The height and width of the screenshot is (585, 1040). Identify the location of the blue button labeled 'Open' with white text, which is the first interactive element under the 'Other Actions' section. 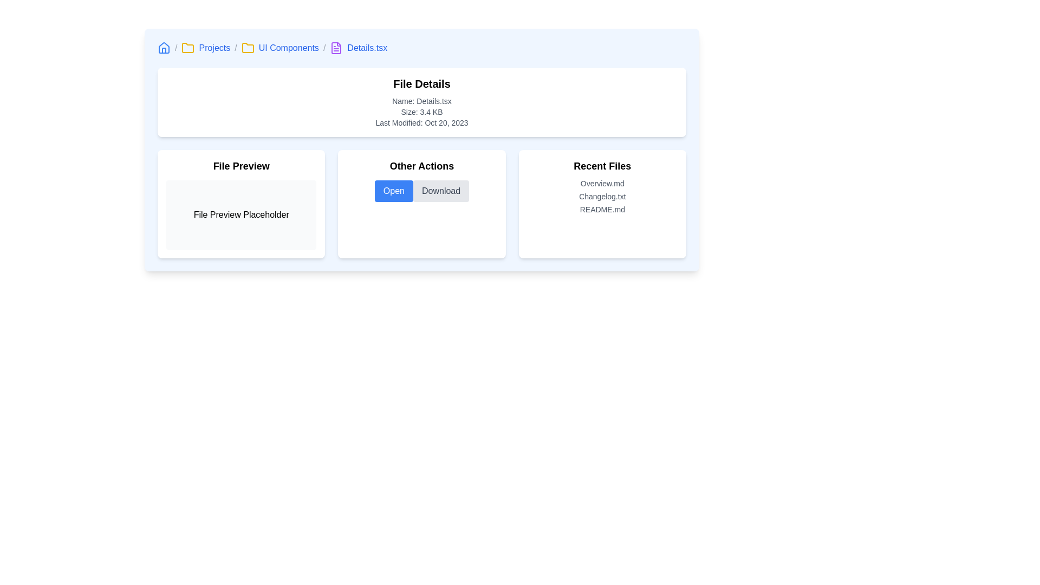
(393, 191).